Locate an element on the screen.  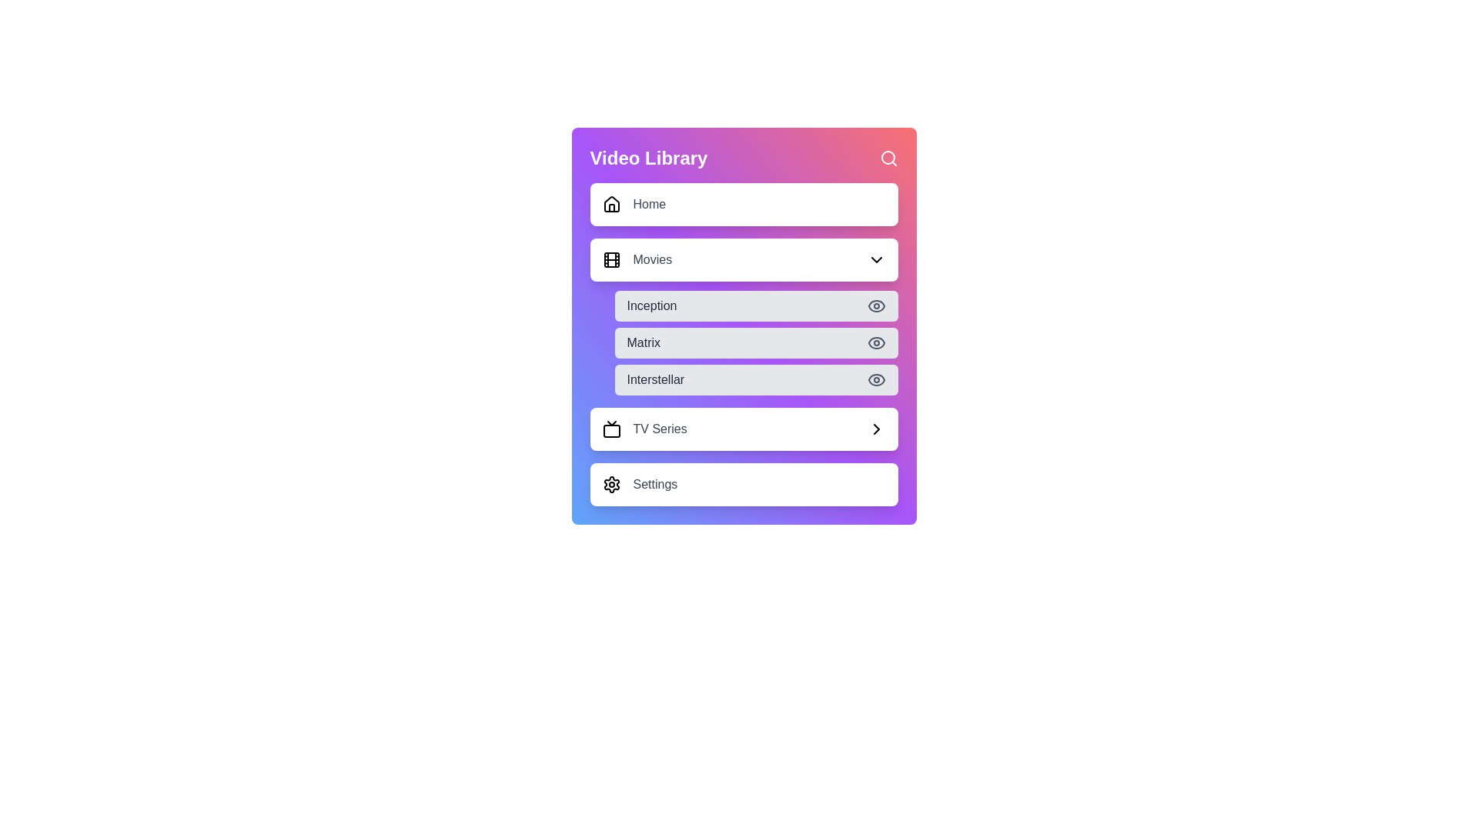
the graphical icon resembling a movie film frame, which is a rectangular shape with rounded corners, located to the left of the 'Movies' button in the 'Video Library' interface is located at coordinates (610, 259).